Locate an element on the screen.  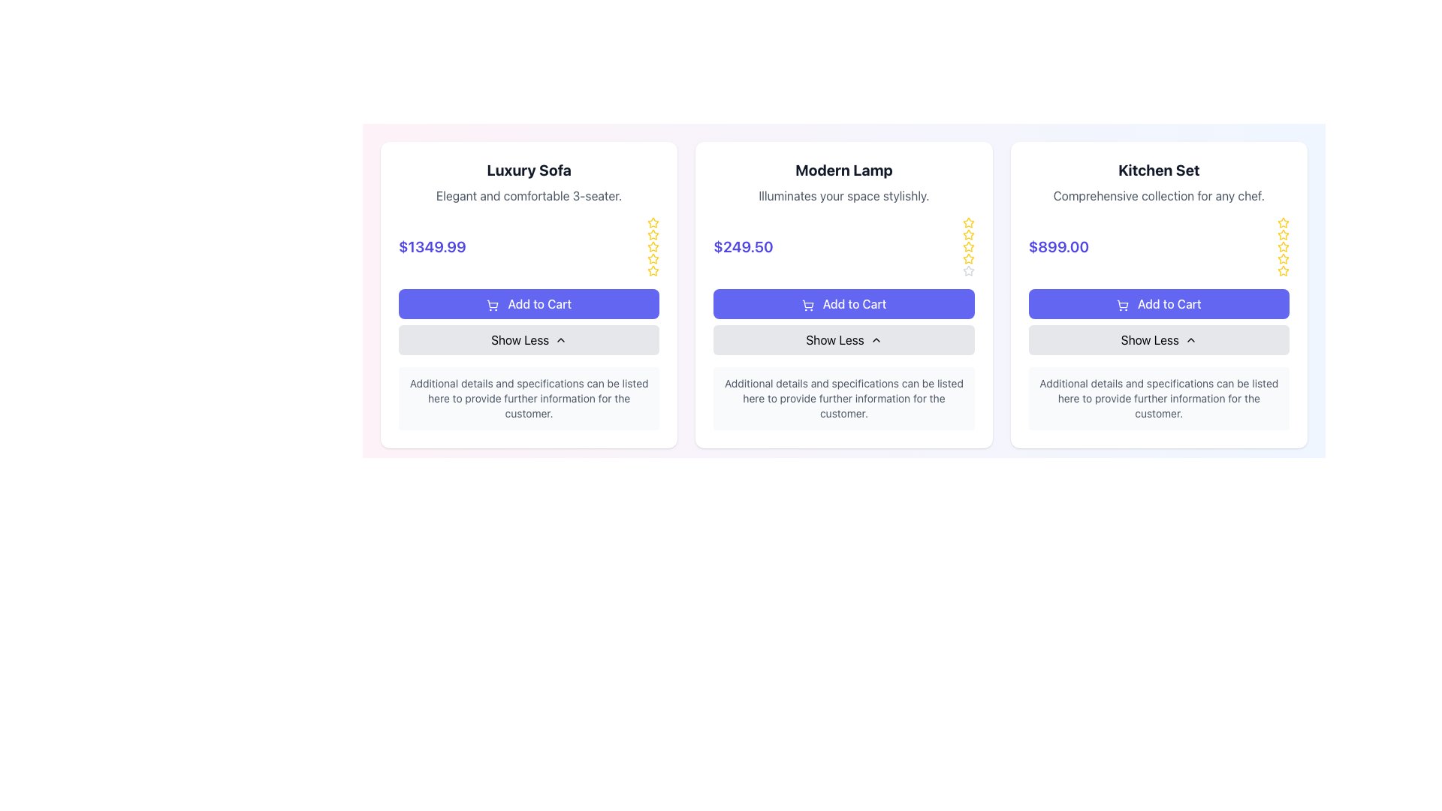
description text label that states 'Elegant and comfortable 3-seater.' which is located below the 'Luxury Sofa' header and above the price section within the leftmost card is located at coordinates (529, 195).